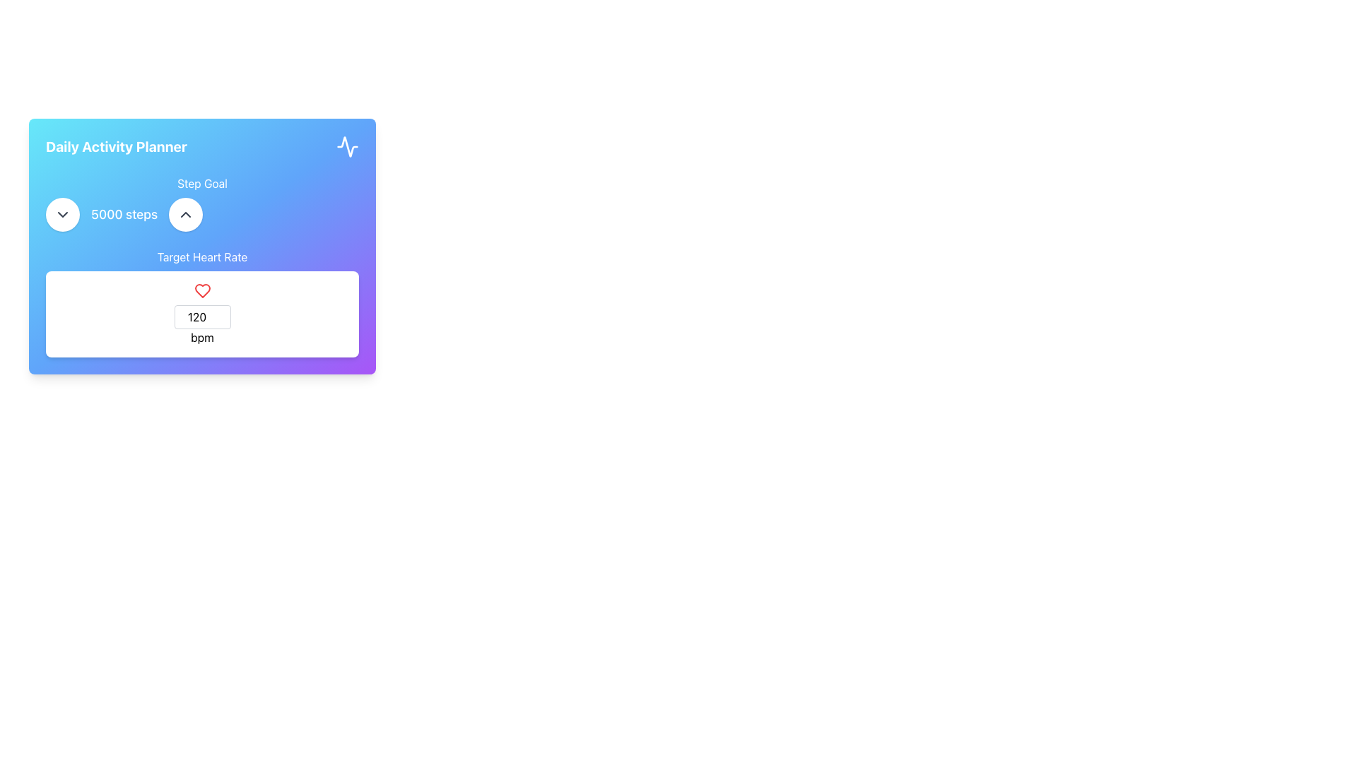  What do you see at coordinates (185, 215) in the screenshot?
I see `the upward chevron arrow icon within the circular button located in the top left section of the 'Daily Activity Planner' card` at bounding box center [185, 215].